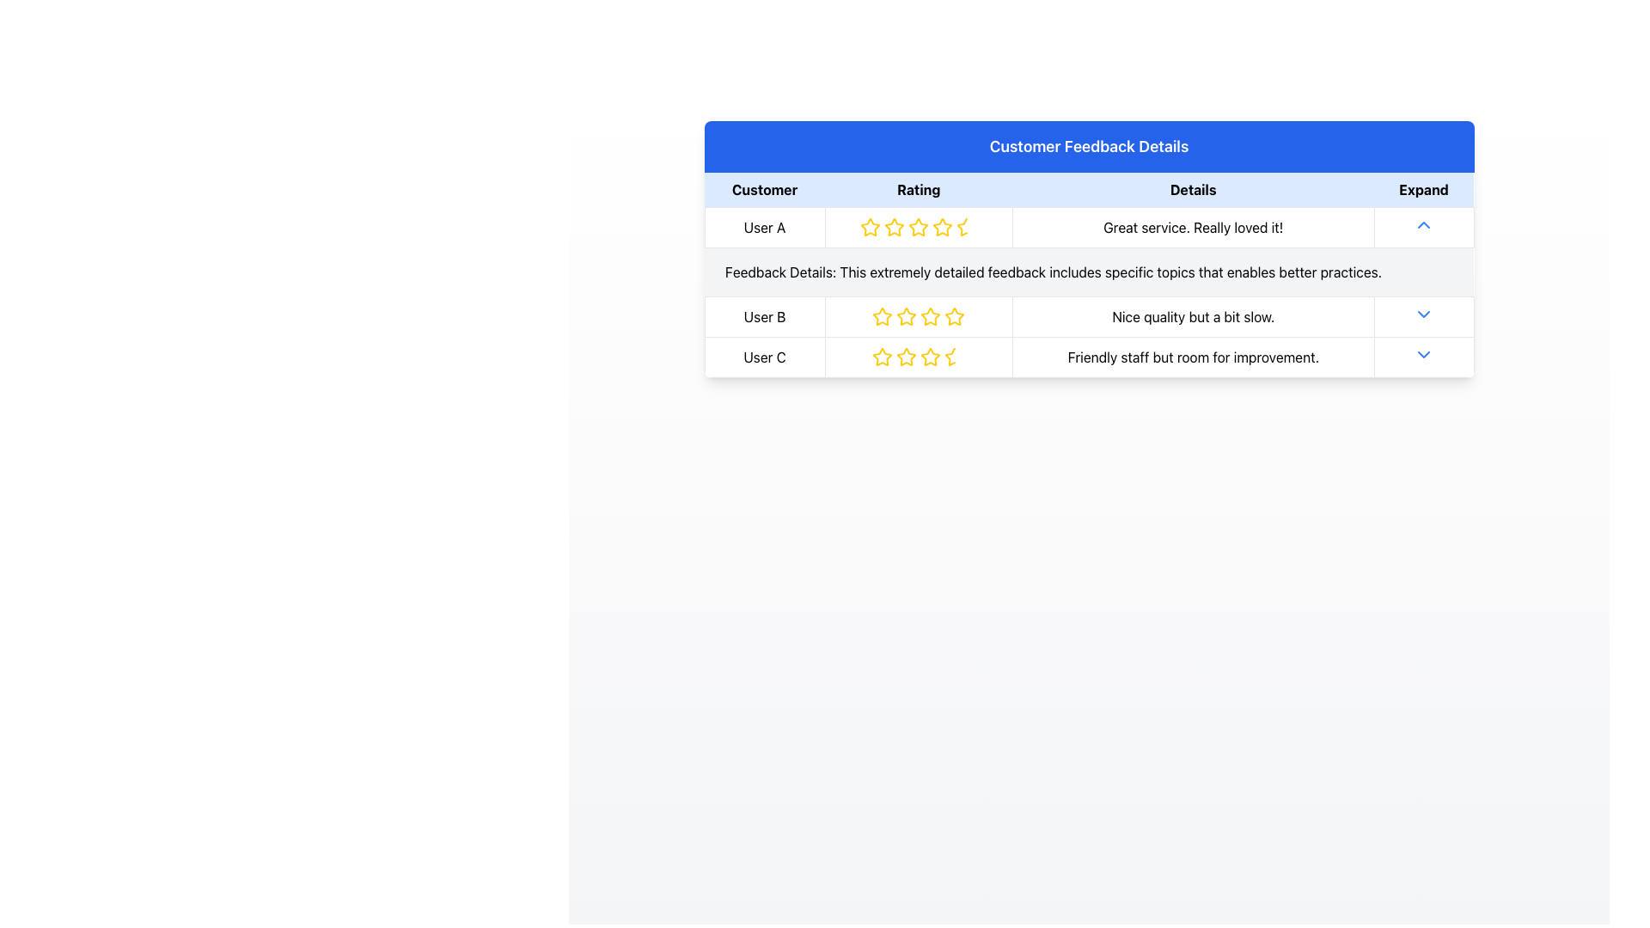 This screenshot has height=928, width=1650. What do you see at coordinates (1192, 357) in the screenshot?
I see `the Text Display Box located in the 'Details' column of the table, adjacent to the 'User C' row header` at bounding box center [1192, 357].